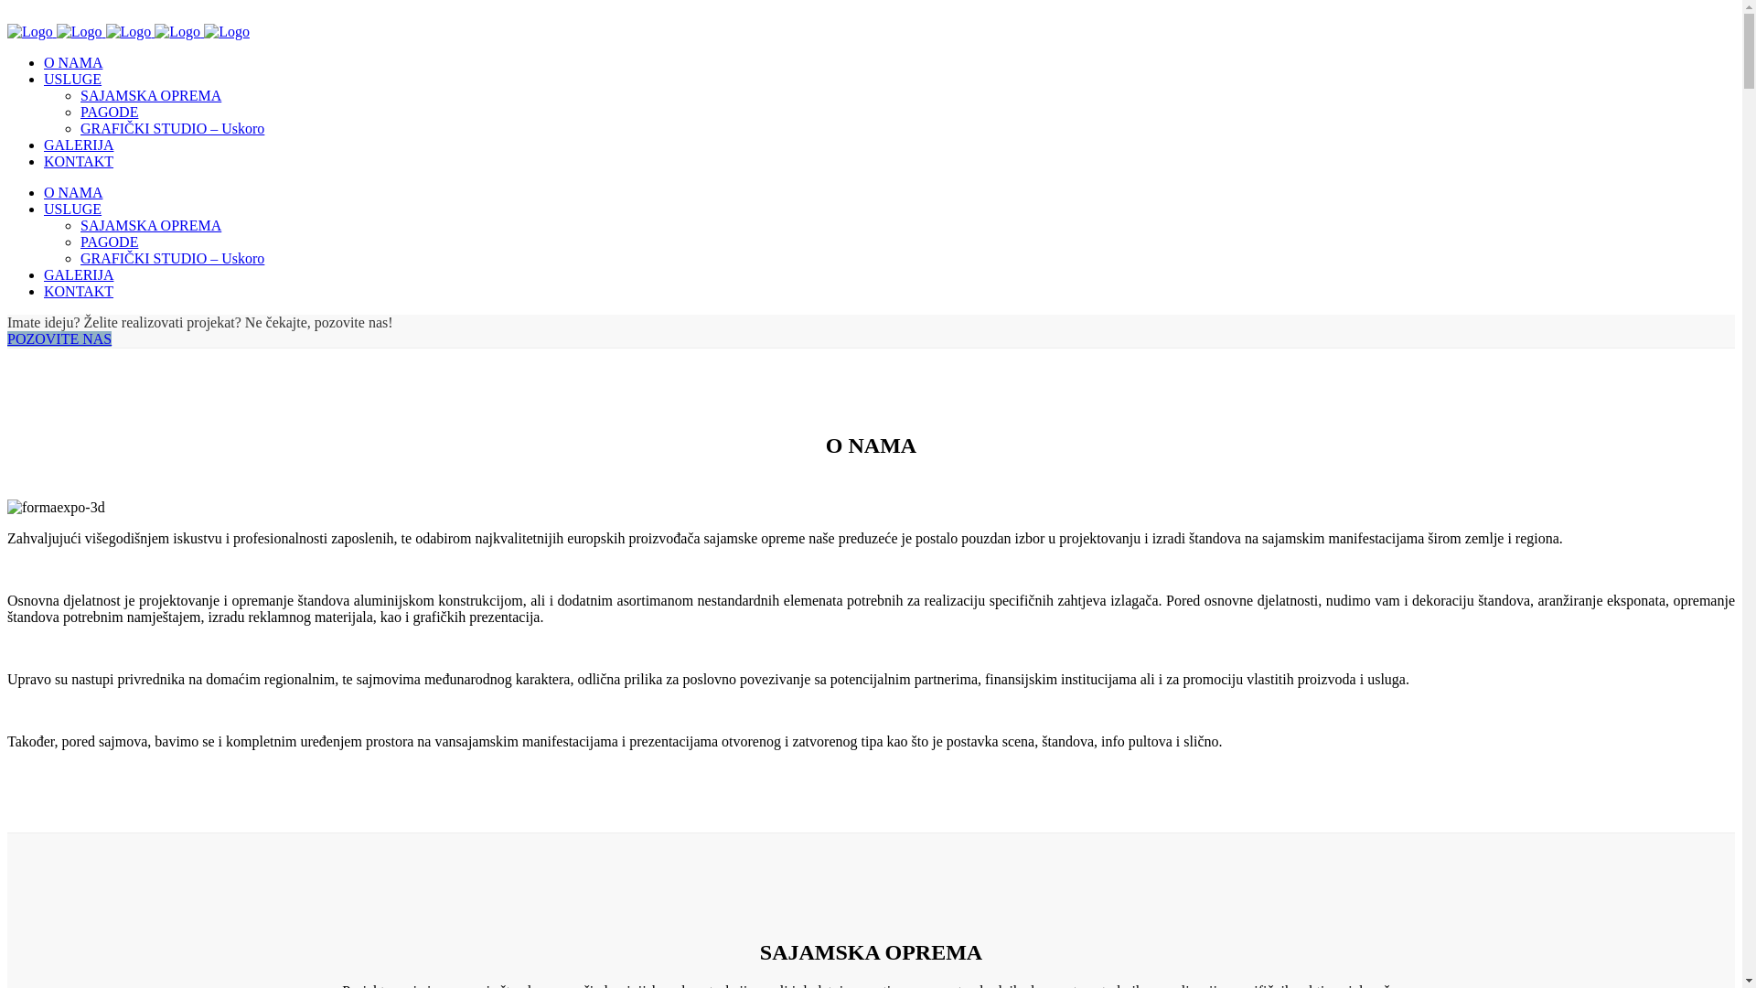  Describe the element at coordinates (108, 241) in the screenshot. I see `'PAGODE'` at that location.